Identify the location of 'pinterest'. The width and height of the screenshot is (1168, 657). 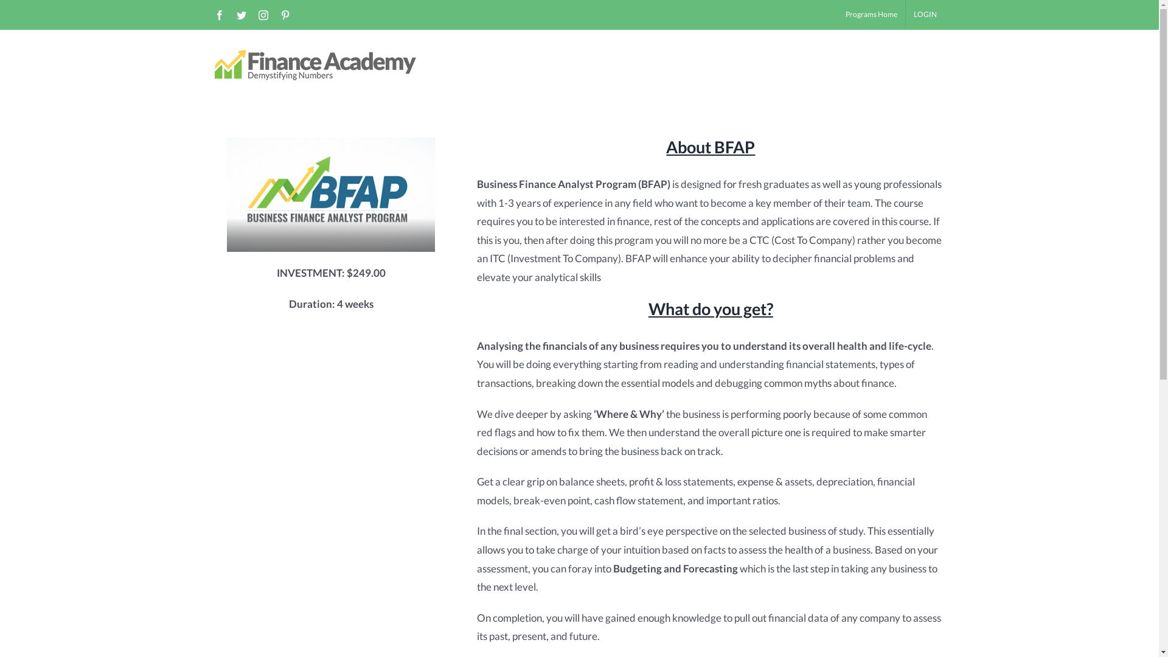
(279, 14).